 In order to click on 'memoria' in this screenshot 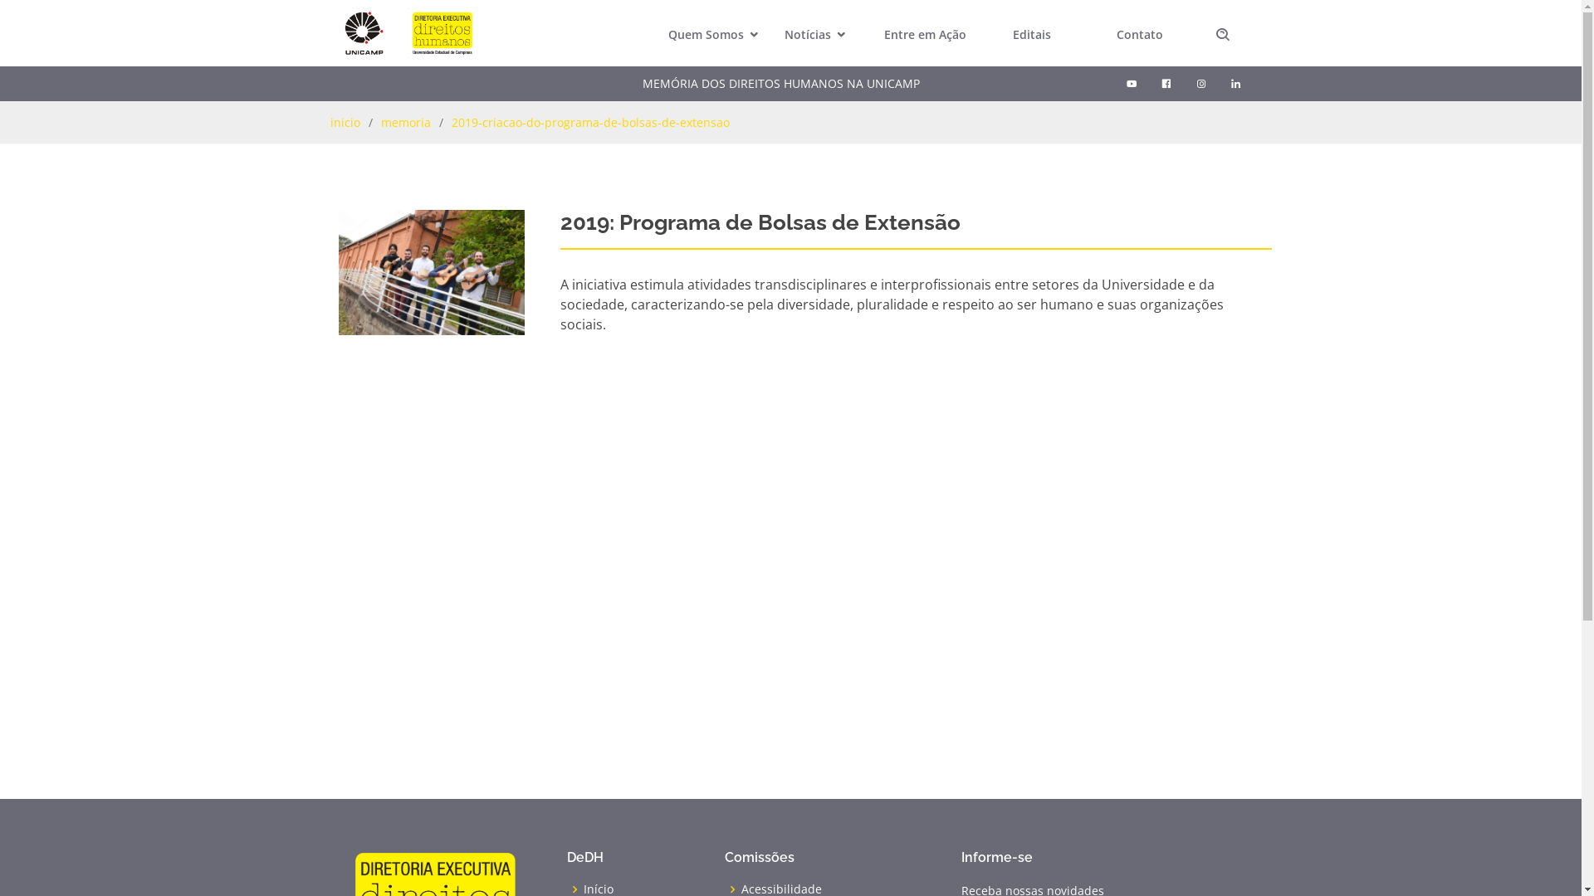, I will do `click(379, 121)`.